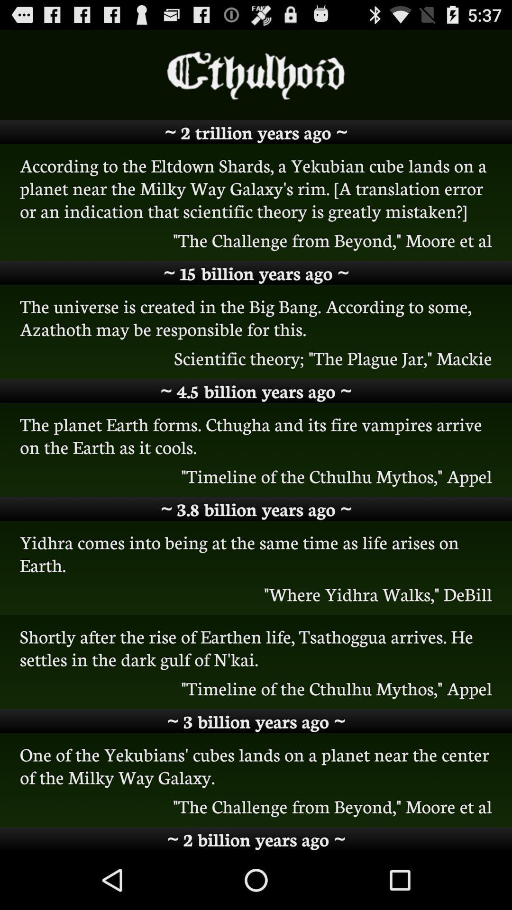  I want to click on the the universe is icon, so click(256, 317).